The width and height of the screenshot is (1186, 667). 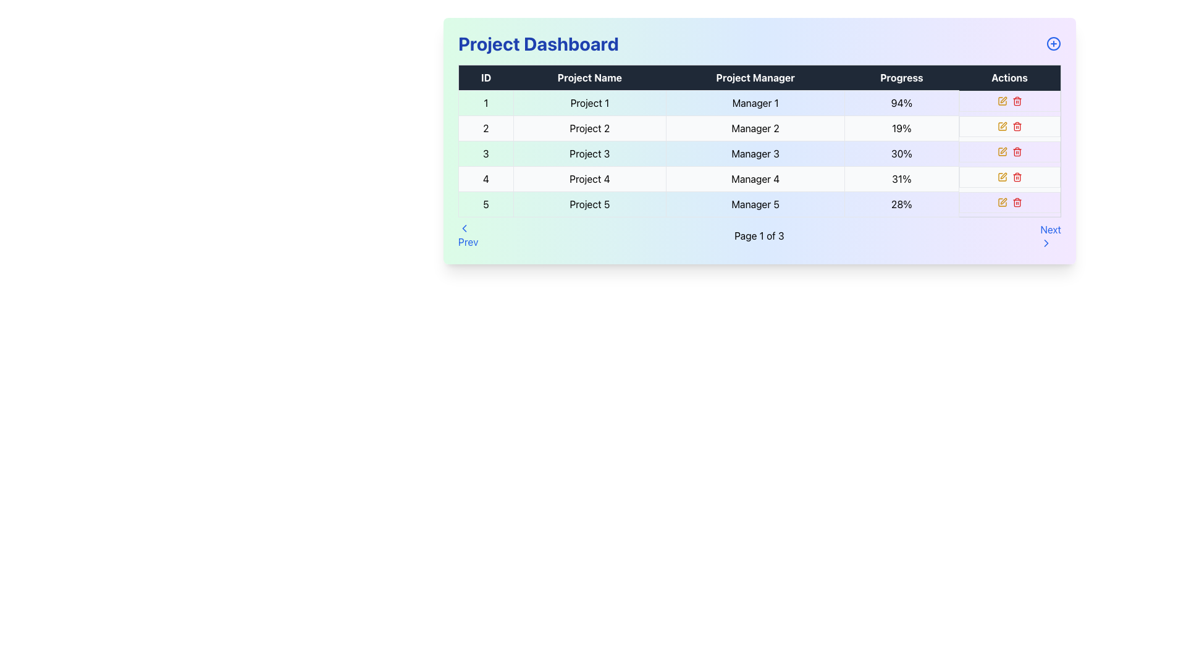 I want to click on the Table Header Cell that indicates the 'Actions' column, located as the fifth column header in the table's header row, so click(x=1009, y=78).